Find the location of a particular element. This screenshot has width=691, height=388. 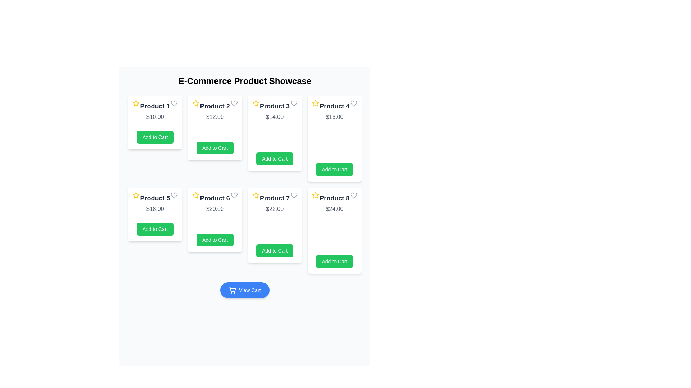

the star icon located in the top-left corner of the 'Product 1' card is located at coordinates (136, 103).